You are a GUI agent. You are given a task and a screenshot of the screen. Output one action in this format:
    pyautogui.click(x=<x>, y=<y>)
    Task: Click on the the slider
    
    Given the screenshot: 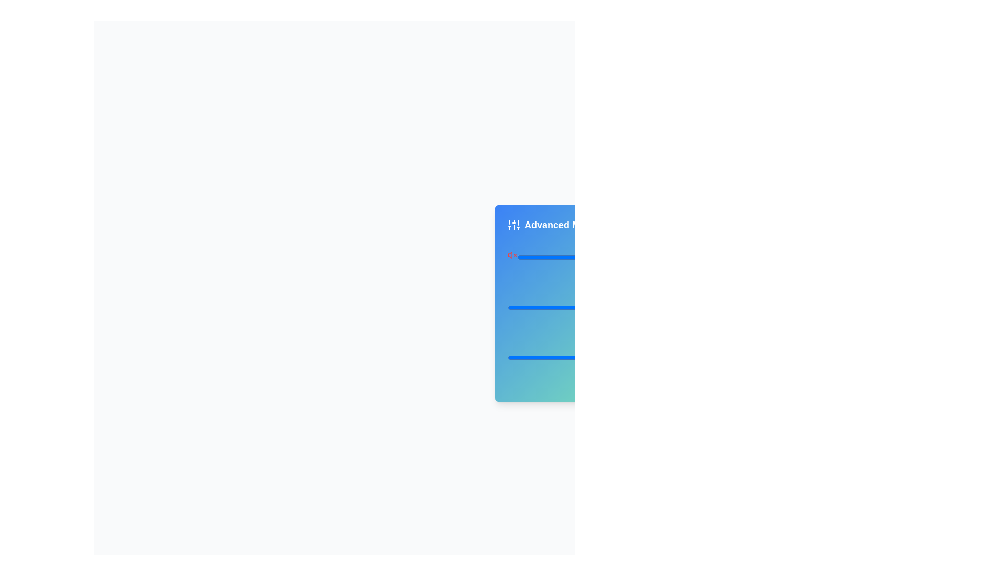 What is the action you would take?
    pyautogui.click(x=568, y=257)
    